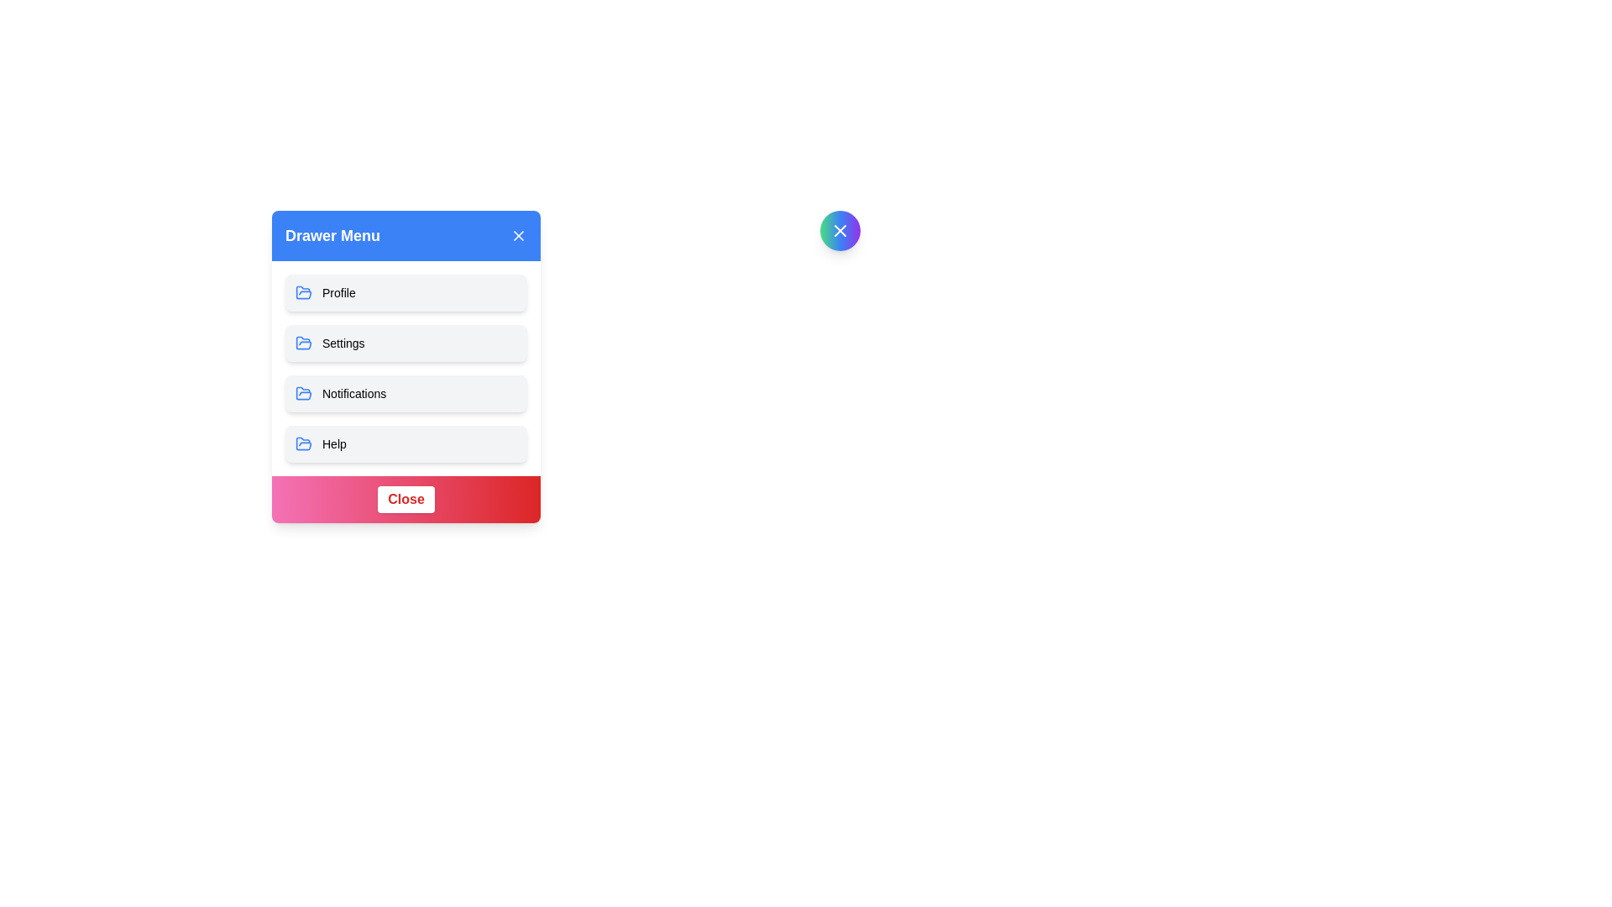 Image resolution: width=1612 pixels, height=907 pixels. Describe the element at coordinates (406, 365) in the screenshot. I see `the second menu button for accessing the Settings section of the application, located below the Profile item and above the Notifications item` at that location.